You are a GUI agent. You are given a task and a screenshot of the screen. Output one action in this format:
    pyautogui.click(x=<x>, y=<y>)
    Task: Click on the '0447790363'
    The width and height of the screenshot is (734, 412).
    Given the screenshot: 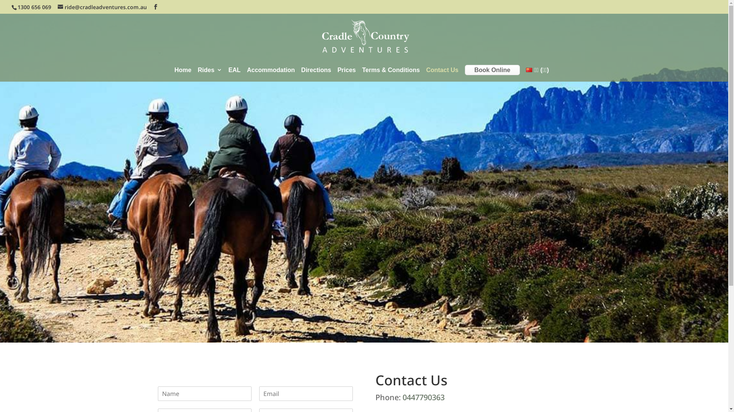 What is the action you would take?
    pyautogui.click(x=423, y=397)
    